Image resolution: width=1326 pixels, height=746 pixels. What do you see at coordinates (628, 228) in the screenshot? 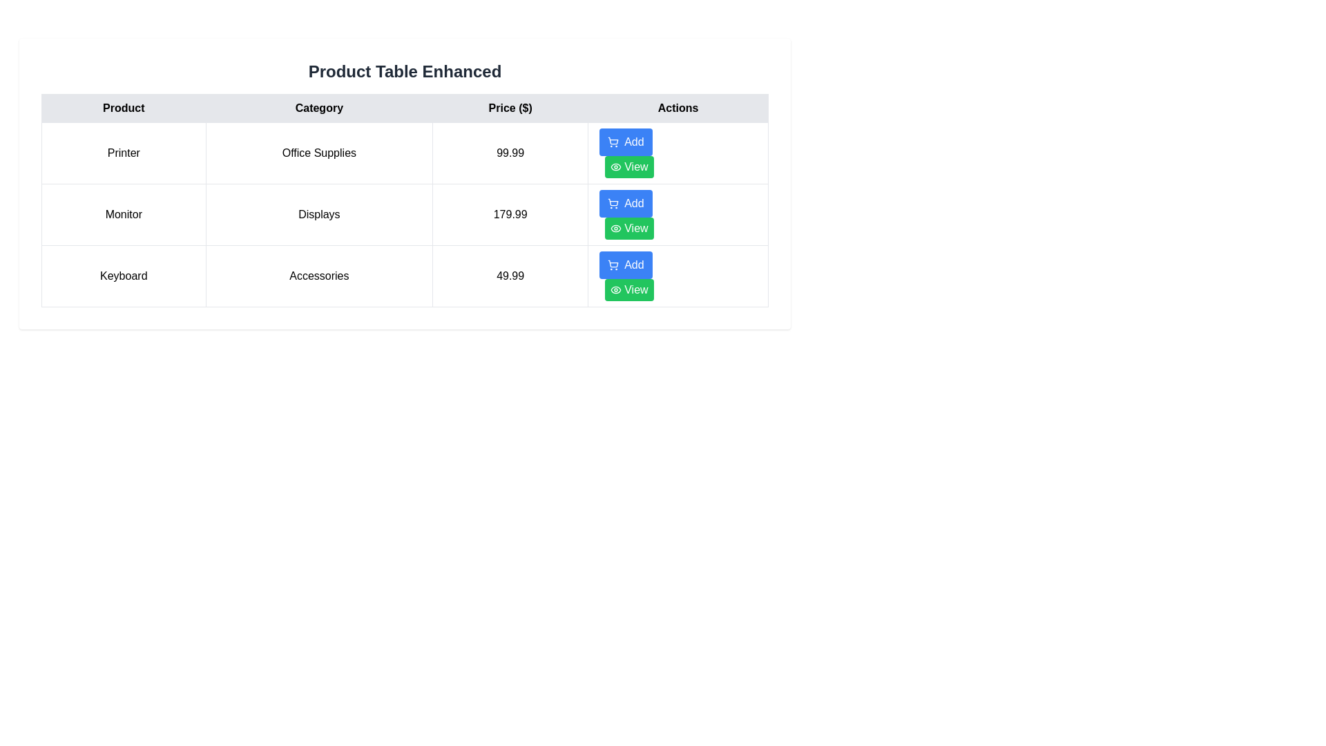
I see `the green 'View' button with an eye icon in the 'Actions' column of the second row of the table` at bounding box center [628, 228].